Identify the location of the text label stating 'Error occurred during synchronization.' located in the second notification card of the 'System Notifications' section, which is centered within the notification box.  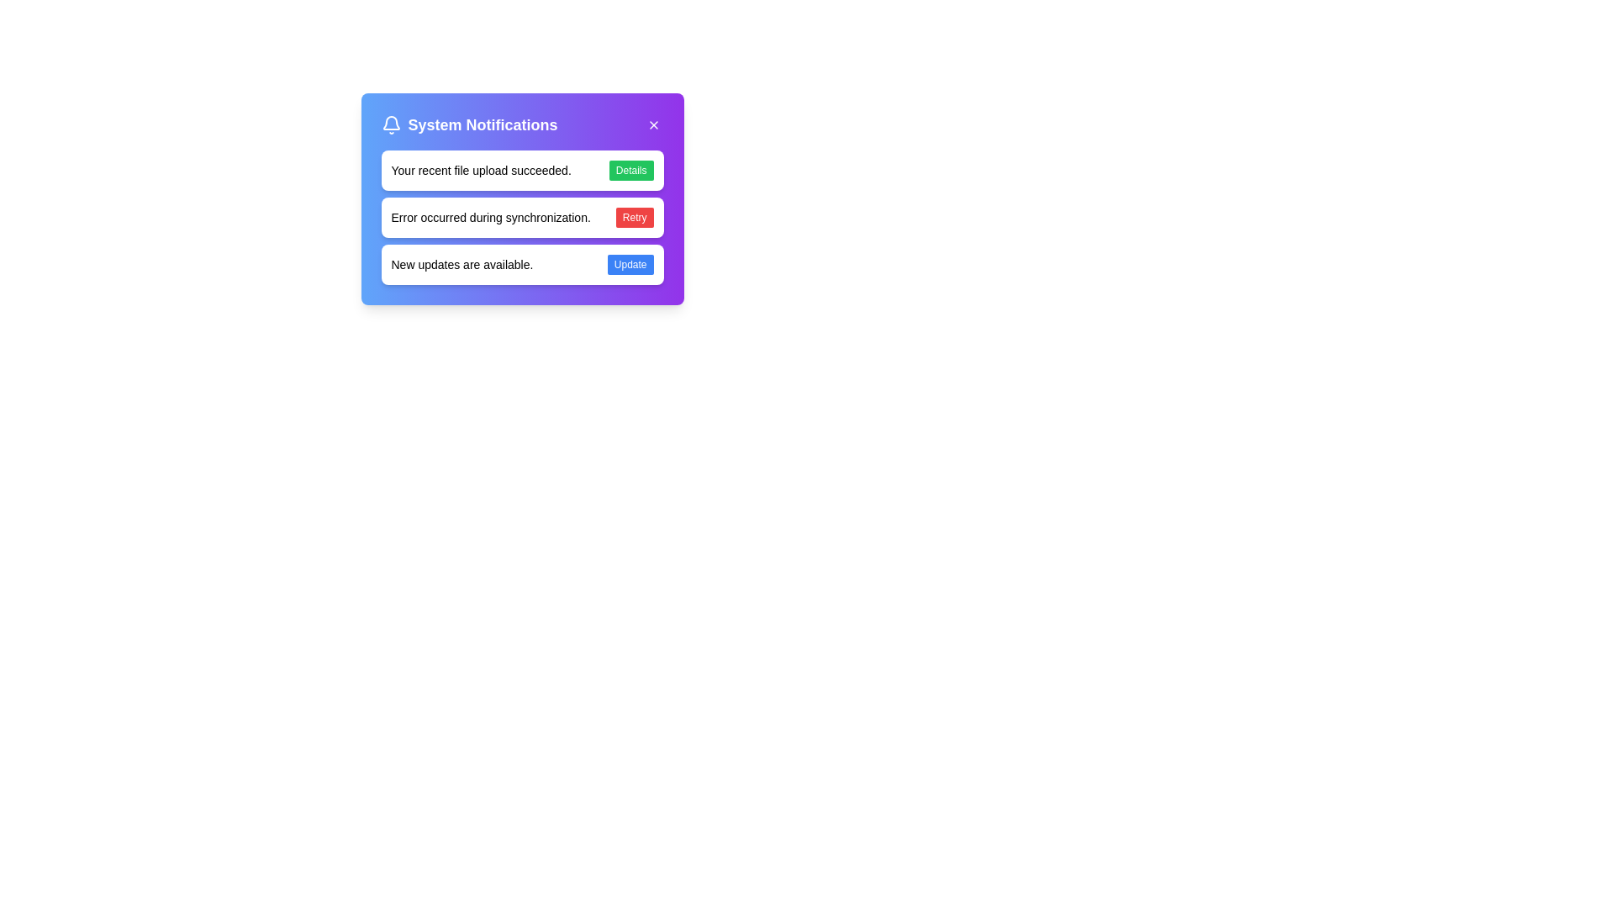
(490, 216).